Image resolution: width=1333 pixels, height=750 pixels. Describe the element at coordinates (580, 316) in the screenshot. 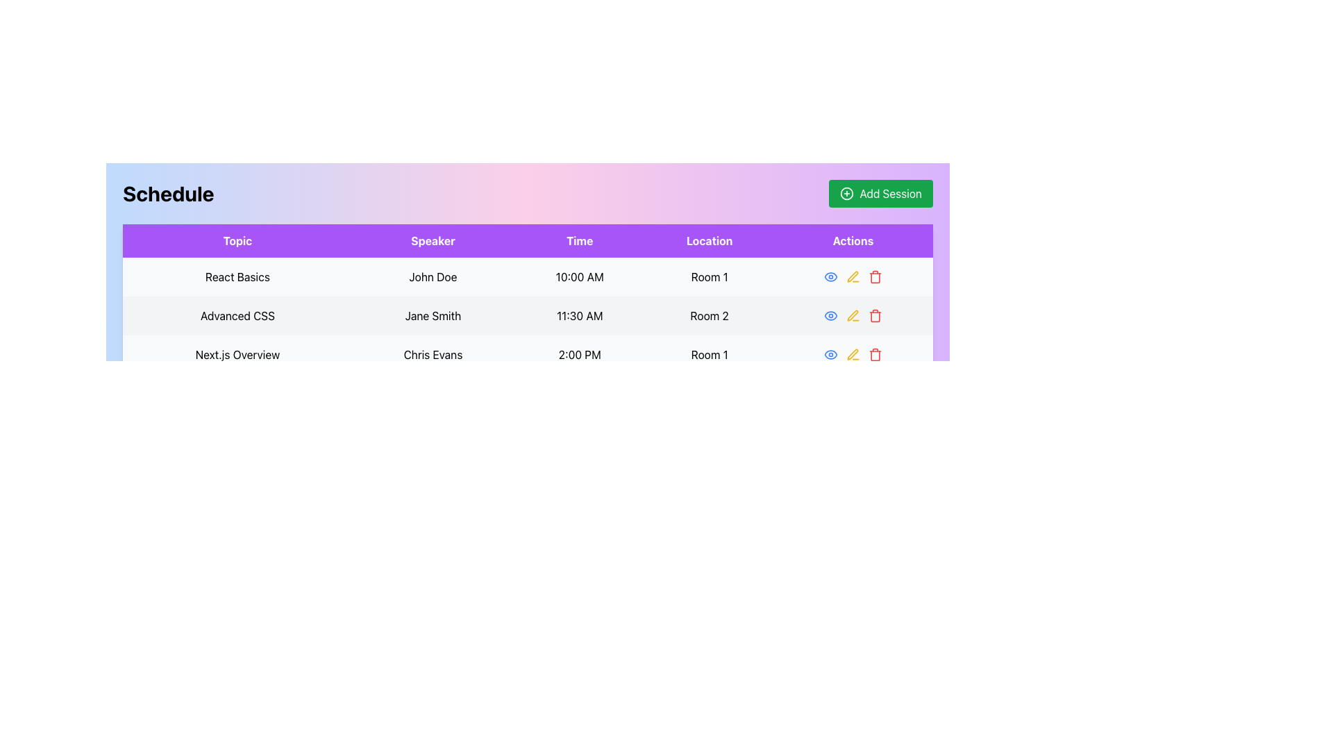

I see `the Text Label displaying '11:30 AM' in the second row of the table under the 'Time' column` at that location.